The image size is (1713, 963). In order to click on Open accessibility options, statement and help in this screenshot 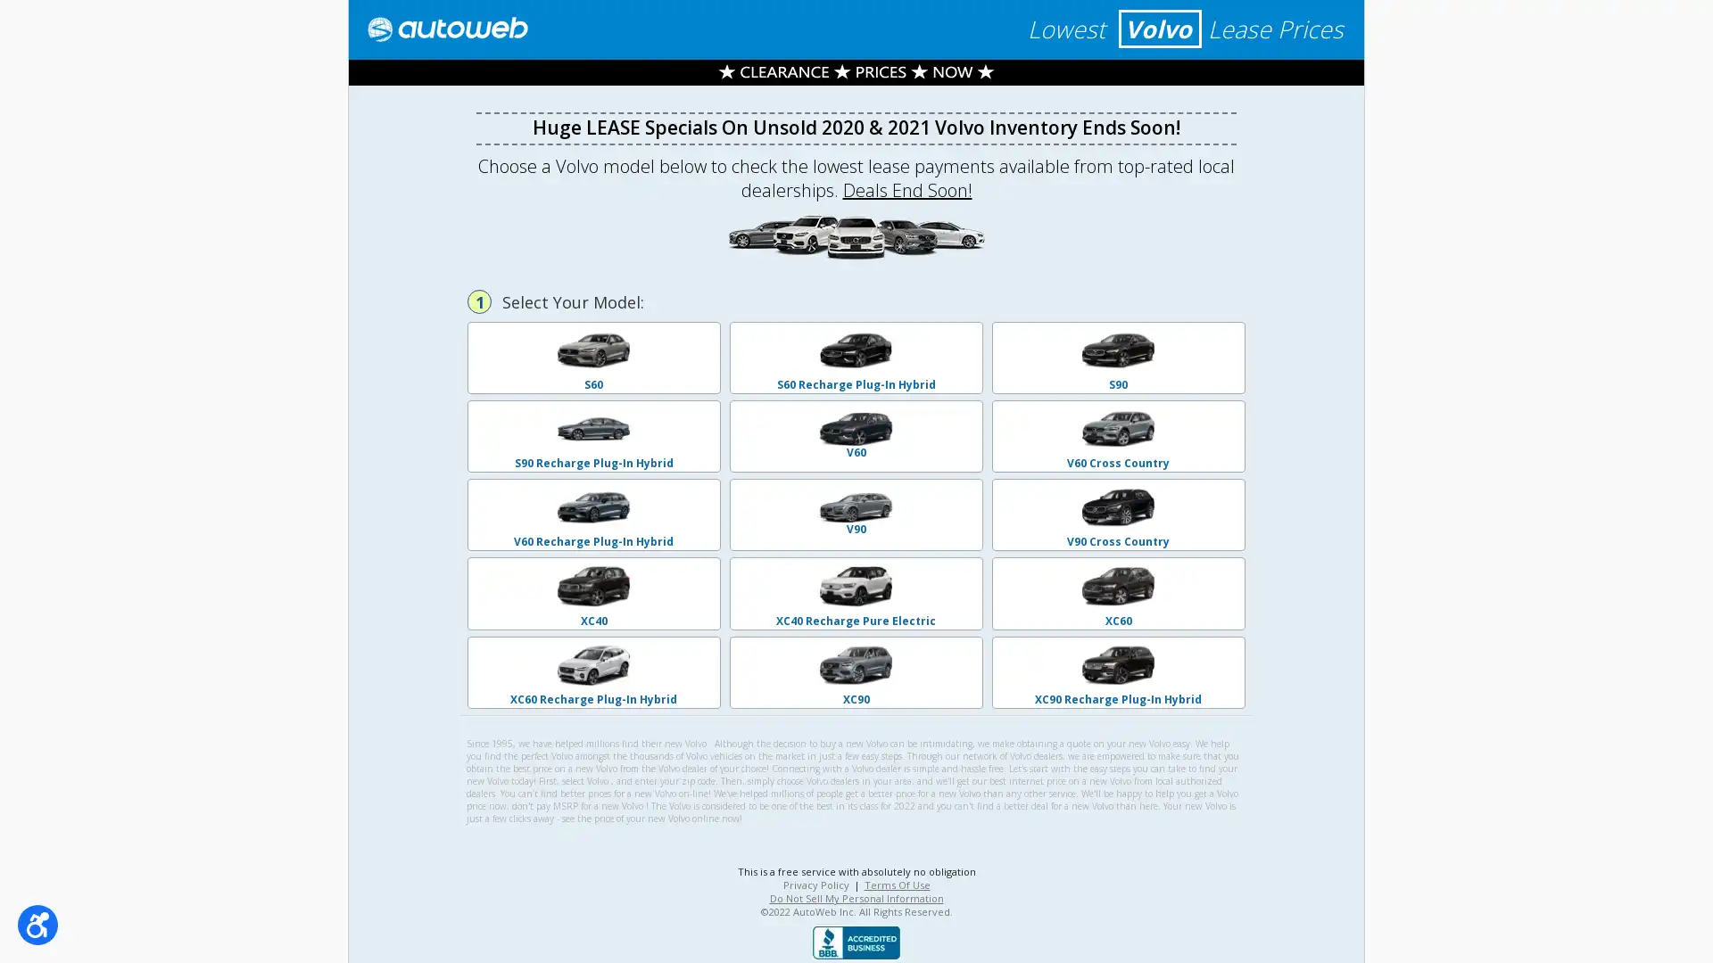, I will do `click(37, 924)`.